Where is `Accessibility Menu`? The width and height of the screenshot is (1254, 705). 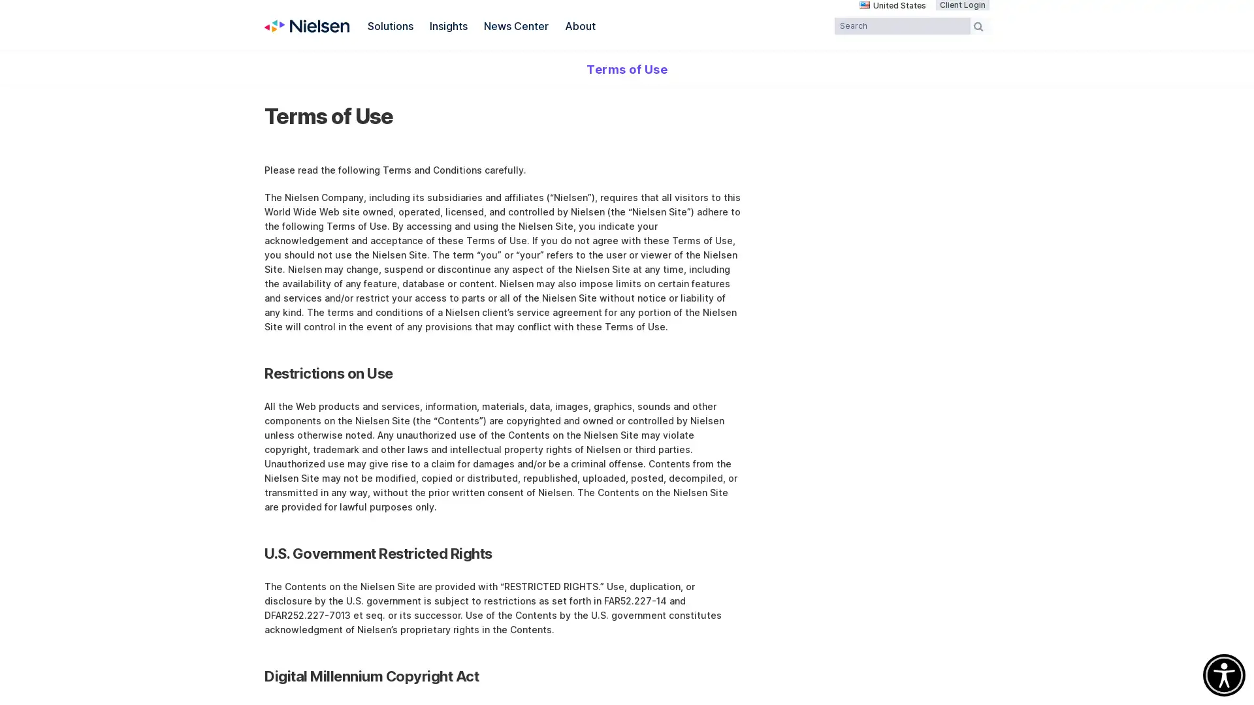
Accessibility Menu is located at coordinates (1223, 675).